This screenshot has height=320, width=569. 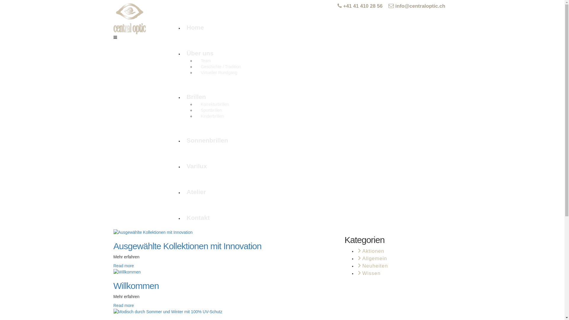 I want to click on 'Kinderbrillen', so click(x=212, y=116).